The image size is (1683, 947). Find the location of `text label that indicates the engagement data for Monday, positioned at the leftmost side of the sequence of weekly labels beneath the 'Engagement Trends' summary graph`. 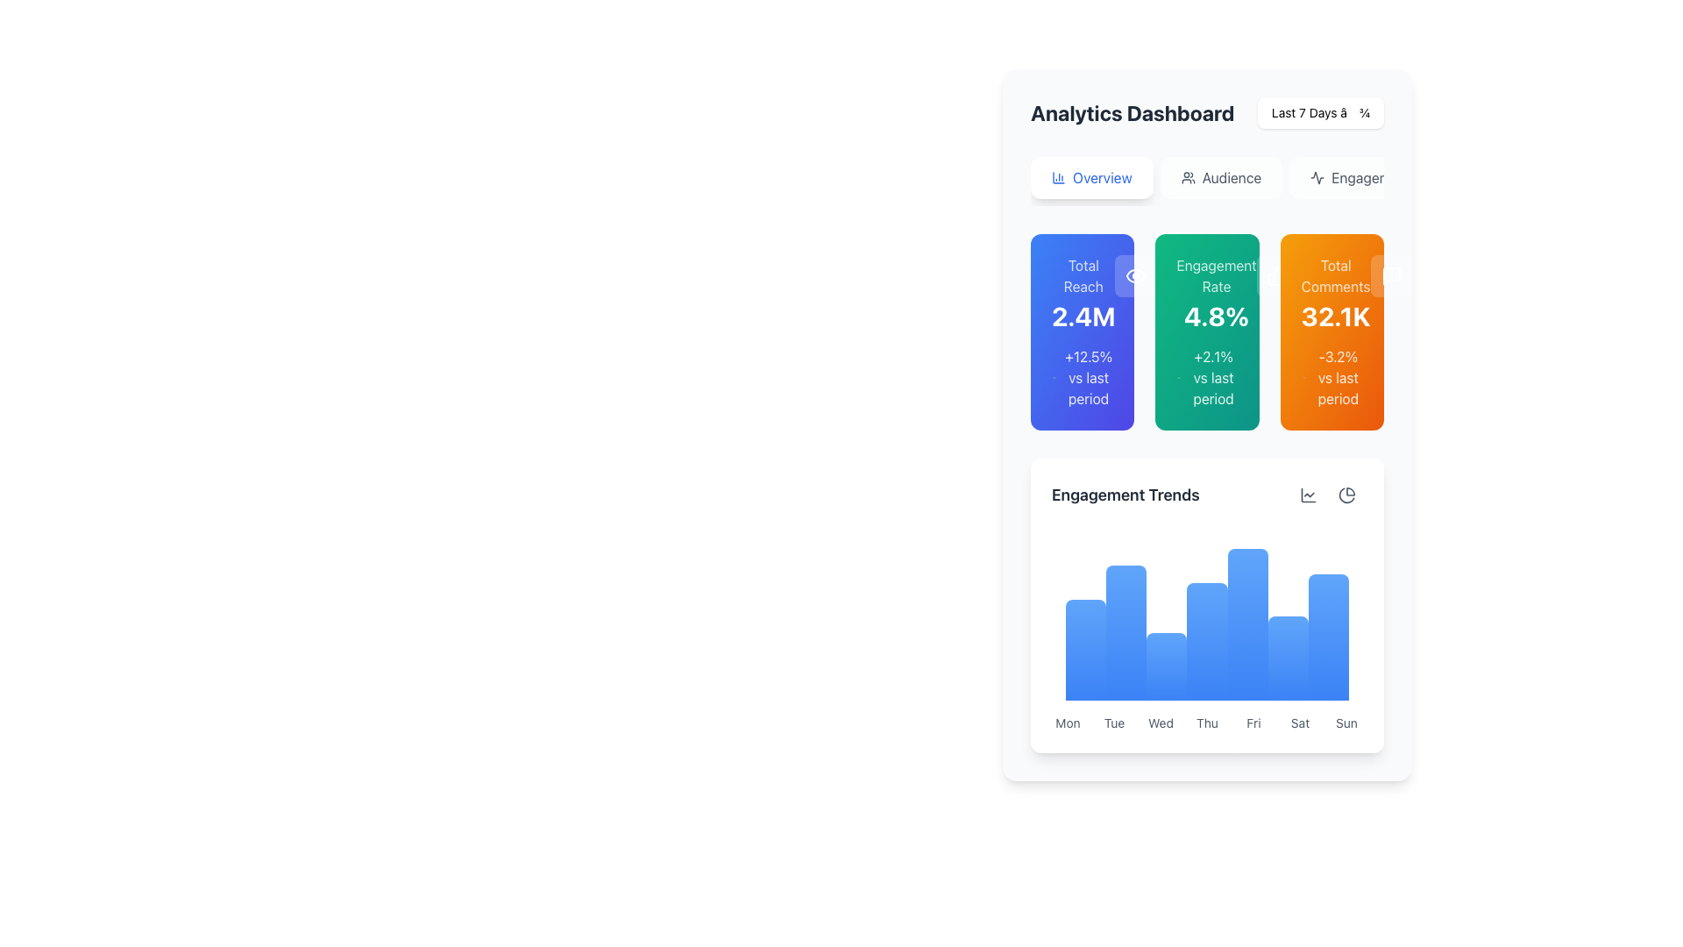

text label that indicates the engagement data for Monday, positioned at the leftmost side of the sequence of weekly labels beneath the 'Engagement Trends' summary graph is located at coordinates (1067, 723).